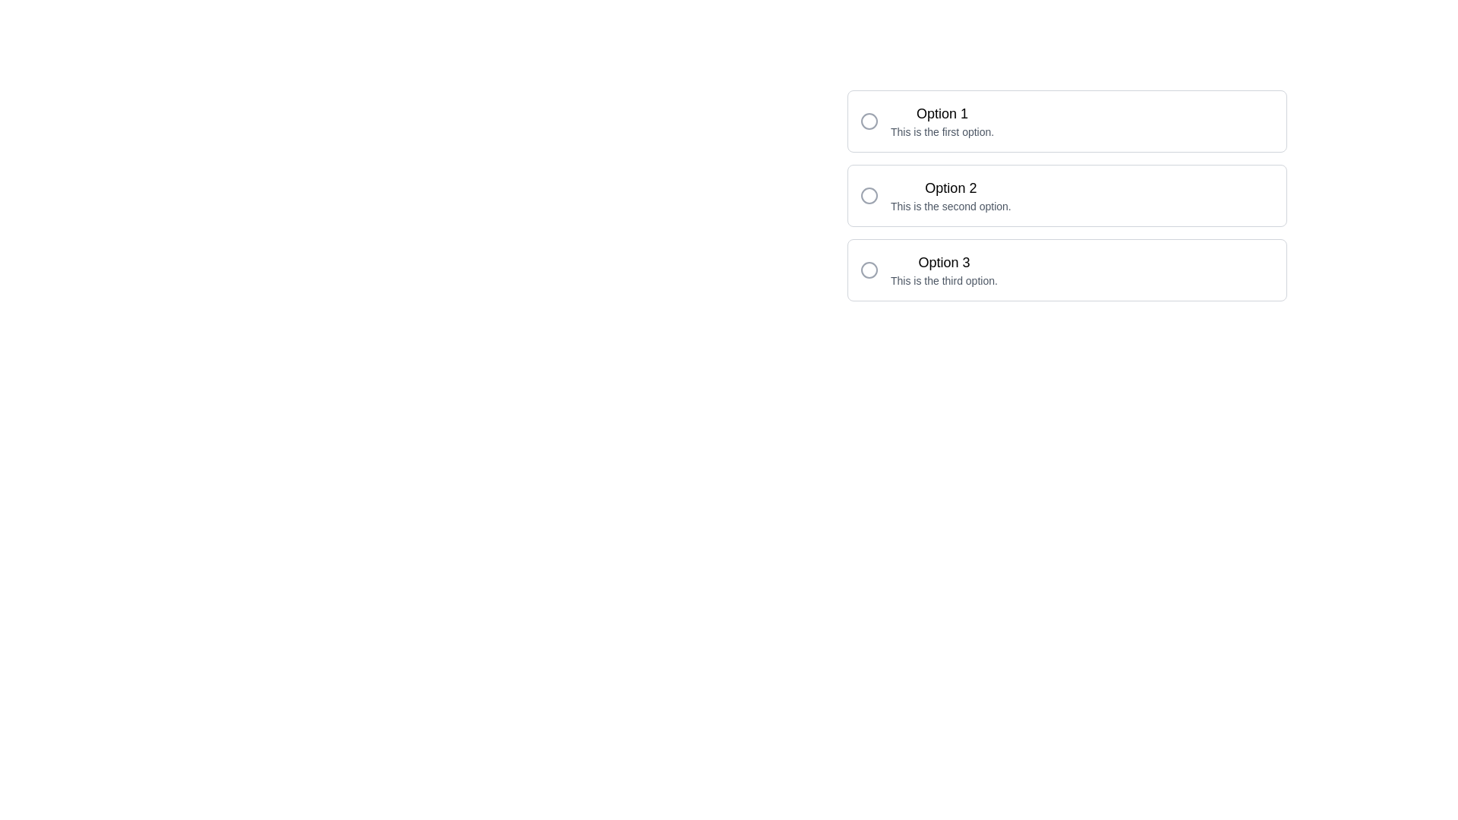 This screenshot has width=1458, height=820. What do you see at coordinates (869, 195) in the screenshot?
I see `the second radio button in a vertical group of selectable options, which is circular with a gray border and currently unselected` at bounding box center [869, 195].